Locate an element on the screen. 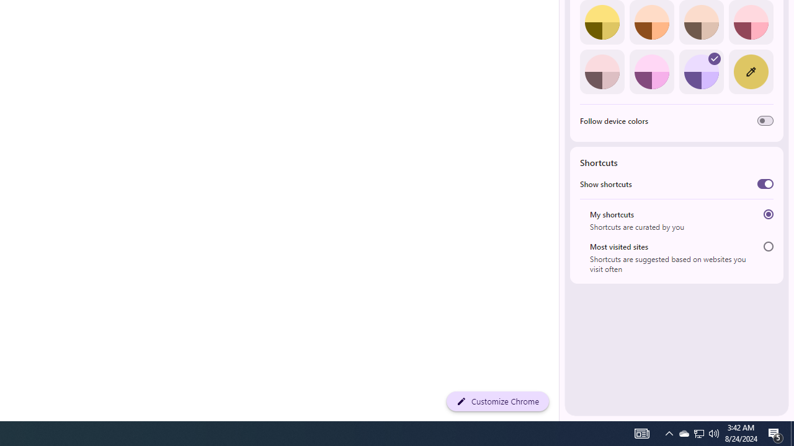 The image size is (794, 446). 'AutomationID: svg' is located at coordinates (715, 59).